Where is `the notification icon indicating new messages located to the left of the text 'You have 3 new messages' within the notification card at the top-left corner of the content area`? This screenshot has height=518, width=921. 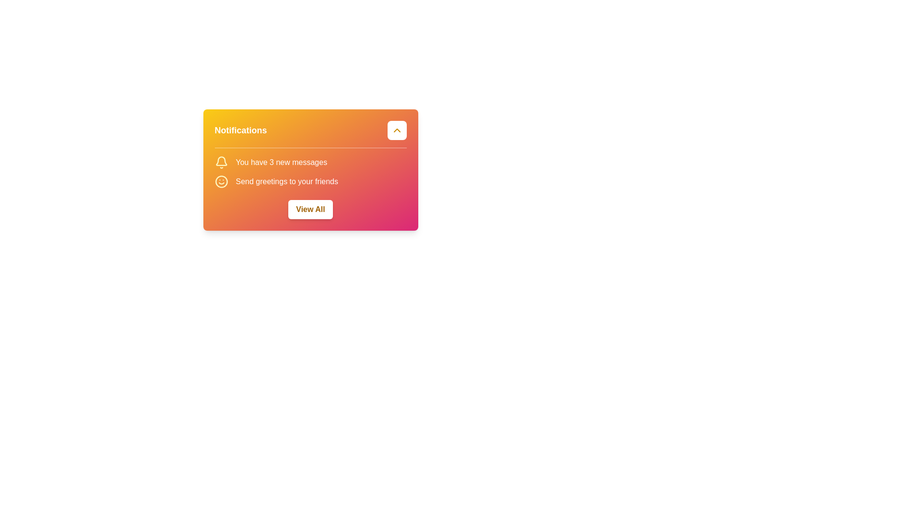 the notification icon indicating new messages located to the left of the text 'You have 3 new messages' within the notification card at the top-left corner of the content area is located at coordinates (221, 162).